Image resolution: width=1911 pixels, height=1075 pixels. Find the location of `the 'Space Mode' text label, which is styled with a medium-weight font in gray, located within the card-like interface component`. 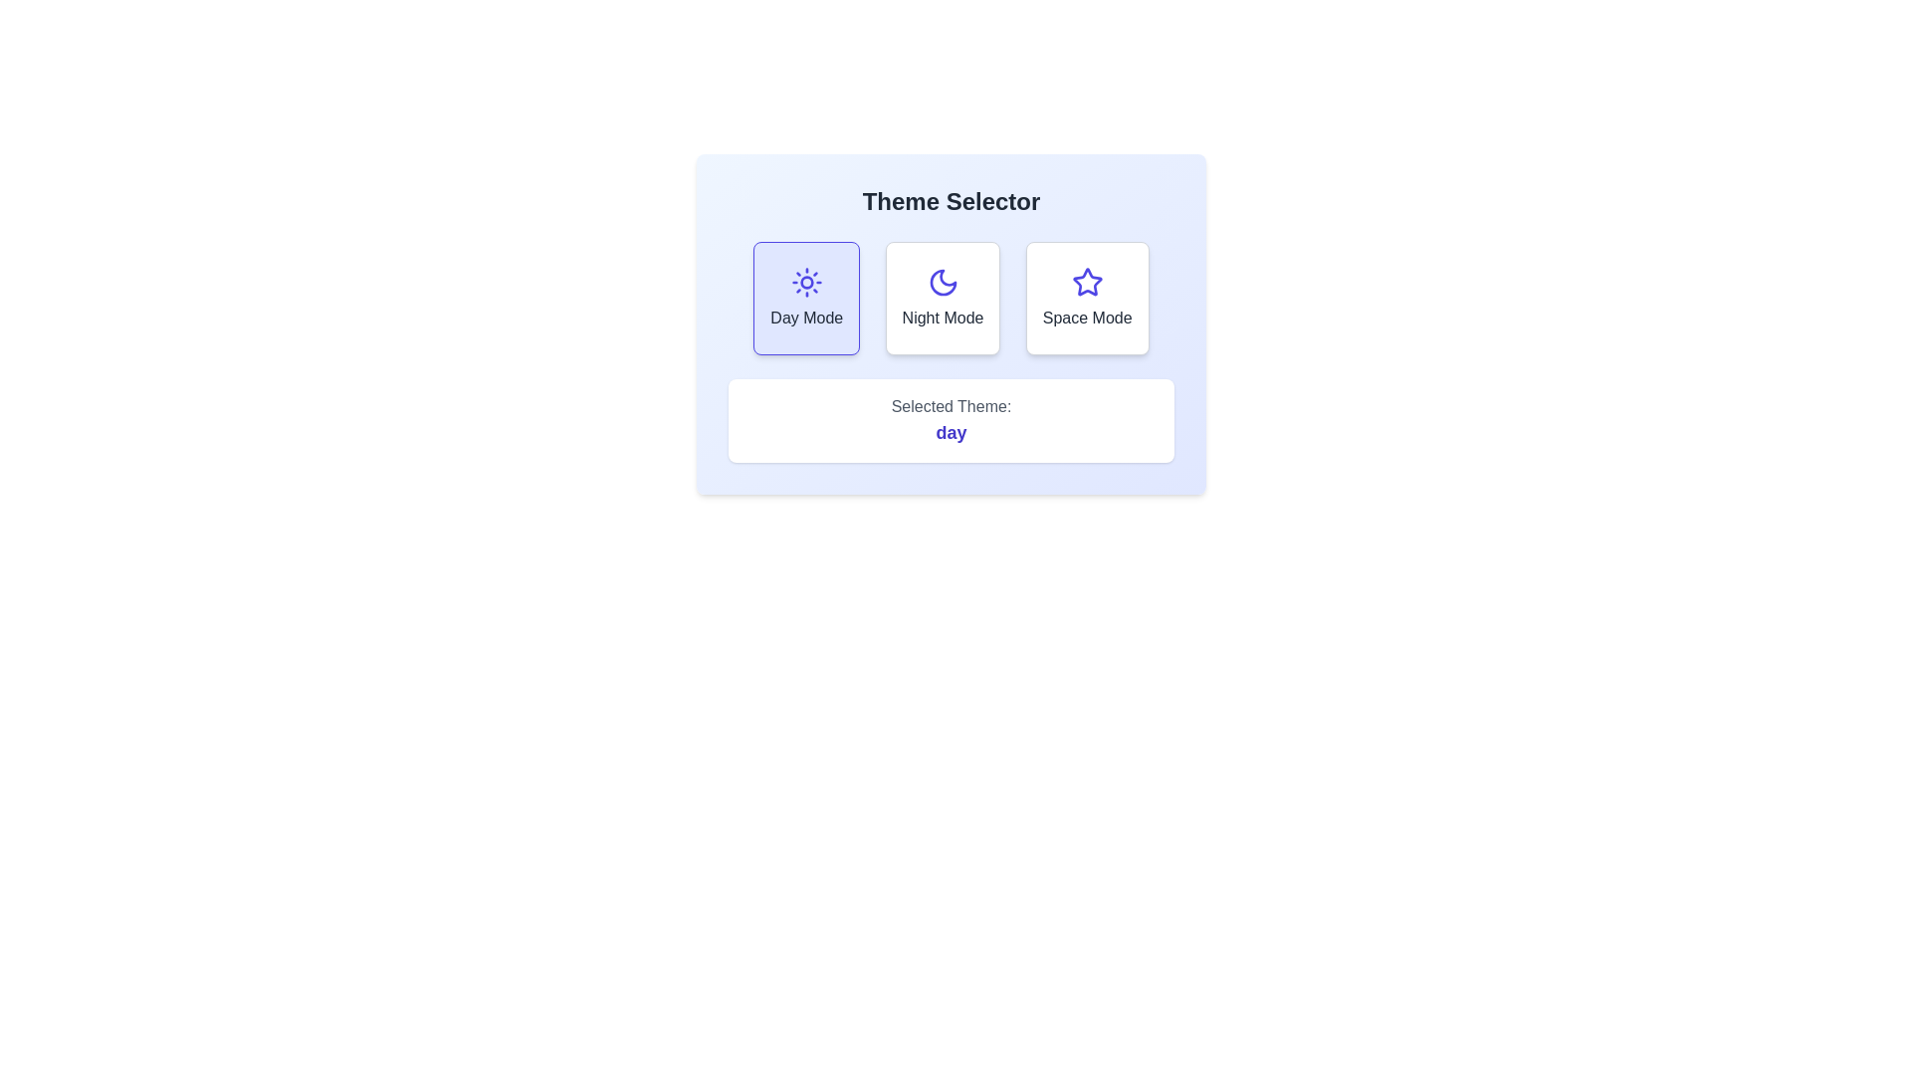

the 'Space Mode' text label, which is styled with a medium-weight font in gray, located within the card-like interface component is located at coordinates (1086, 318).